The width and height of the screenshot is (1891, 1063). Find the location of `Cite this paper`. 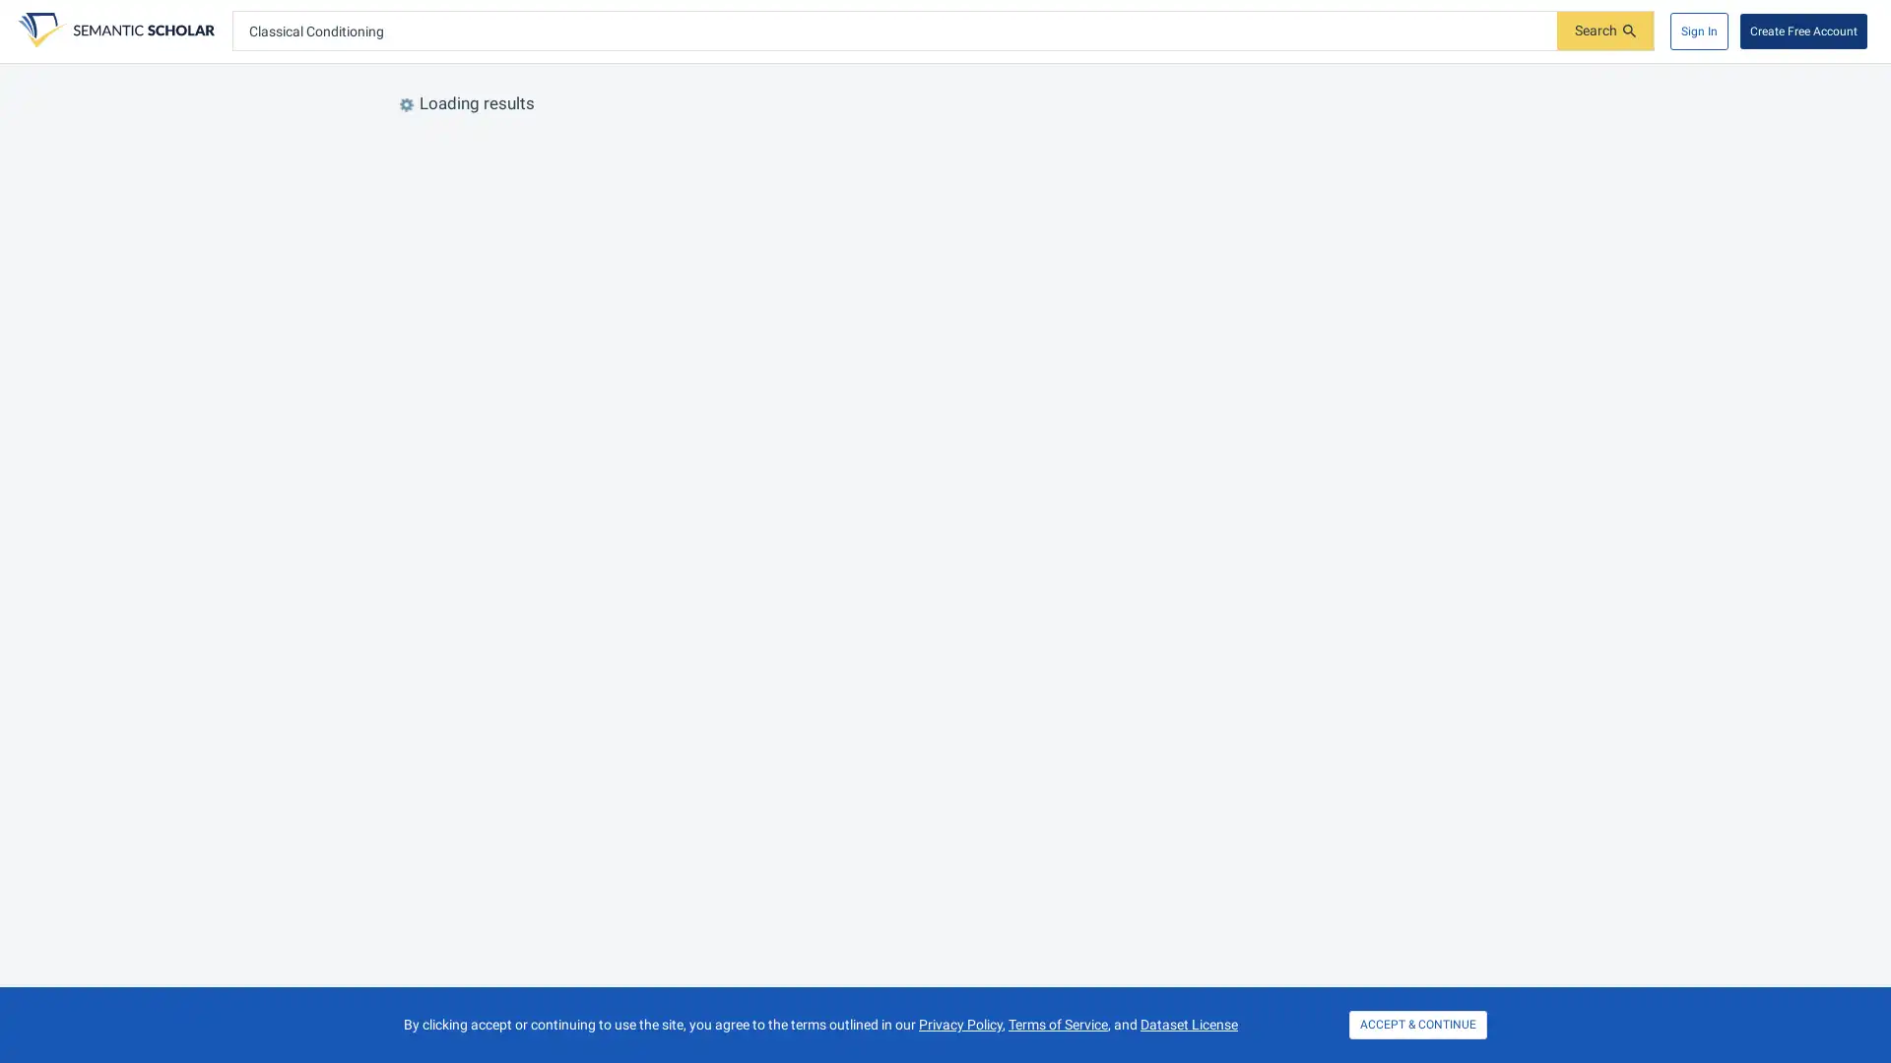

Cite this paper is located at coordinates (759, 694).